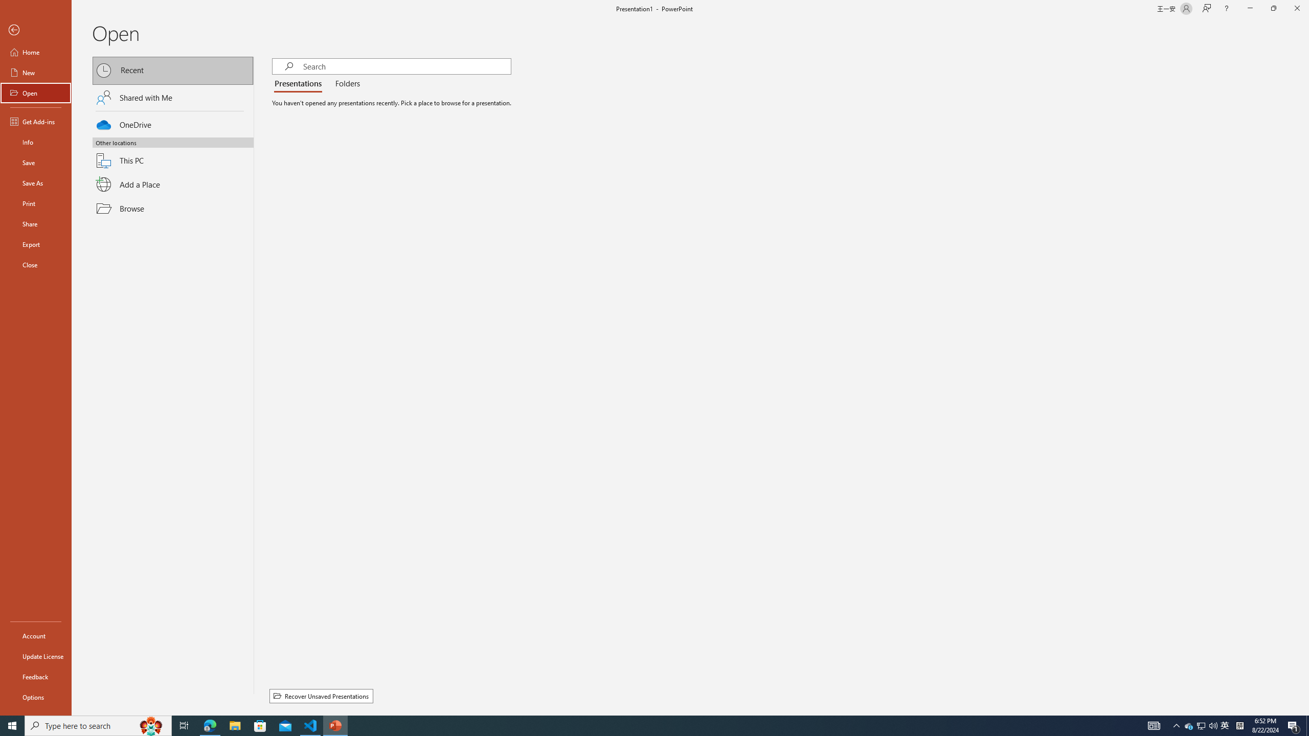 This screenshot has width=1309, height=736. Describe the element at coordinates (173, 123) in the screenshot. I see `'OneDrive'` at that location.